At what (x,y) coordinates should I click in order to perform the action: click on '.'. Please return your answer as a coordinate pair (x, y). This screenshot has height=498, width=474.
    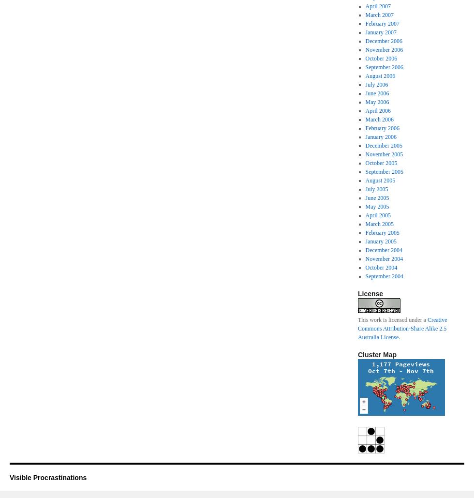
    Looking at the image, I should click on (399, 337).